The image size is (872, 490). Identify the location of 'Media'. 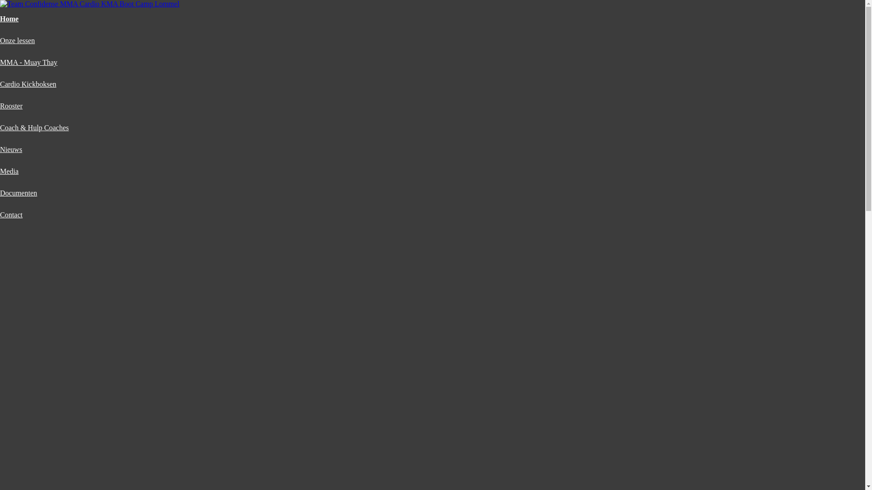
(9, 171).